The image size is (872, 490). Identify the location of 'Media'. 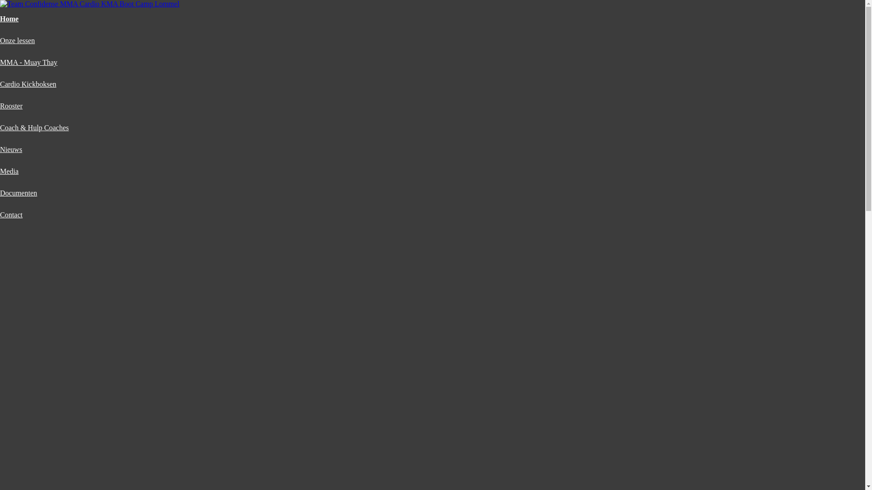
(9, 171).